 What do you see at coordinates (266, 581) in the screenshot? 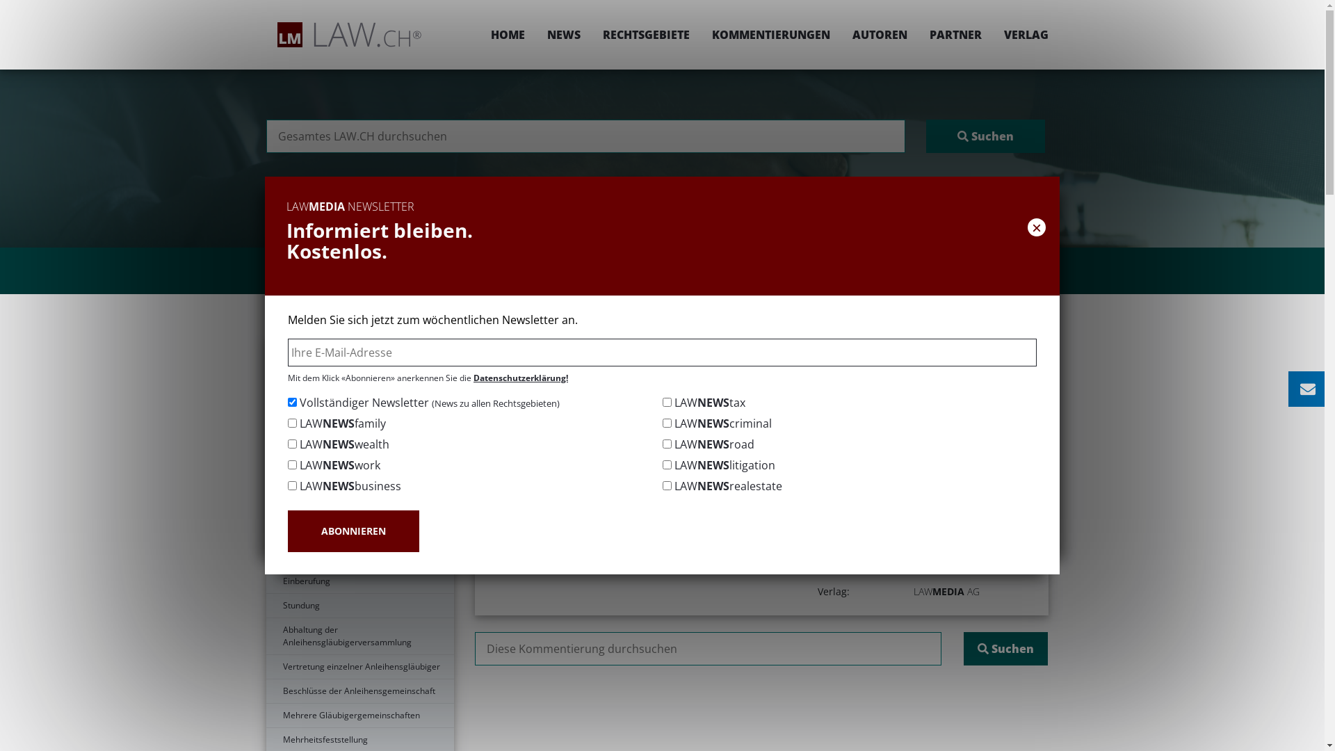
I see `'Einberufung'` at bounding box center [266, 581].